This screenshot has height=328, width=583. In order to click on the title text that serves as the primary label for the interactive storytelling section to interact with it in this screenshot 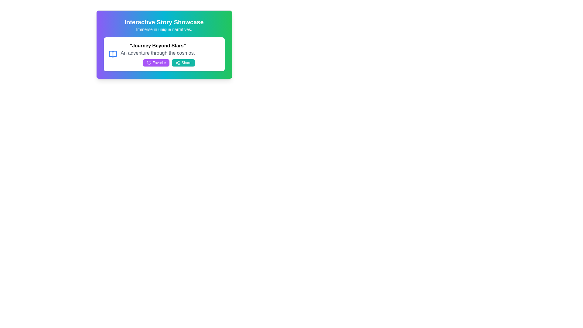, I will do `click(164, 22)`.